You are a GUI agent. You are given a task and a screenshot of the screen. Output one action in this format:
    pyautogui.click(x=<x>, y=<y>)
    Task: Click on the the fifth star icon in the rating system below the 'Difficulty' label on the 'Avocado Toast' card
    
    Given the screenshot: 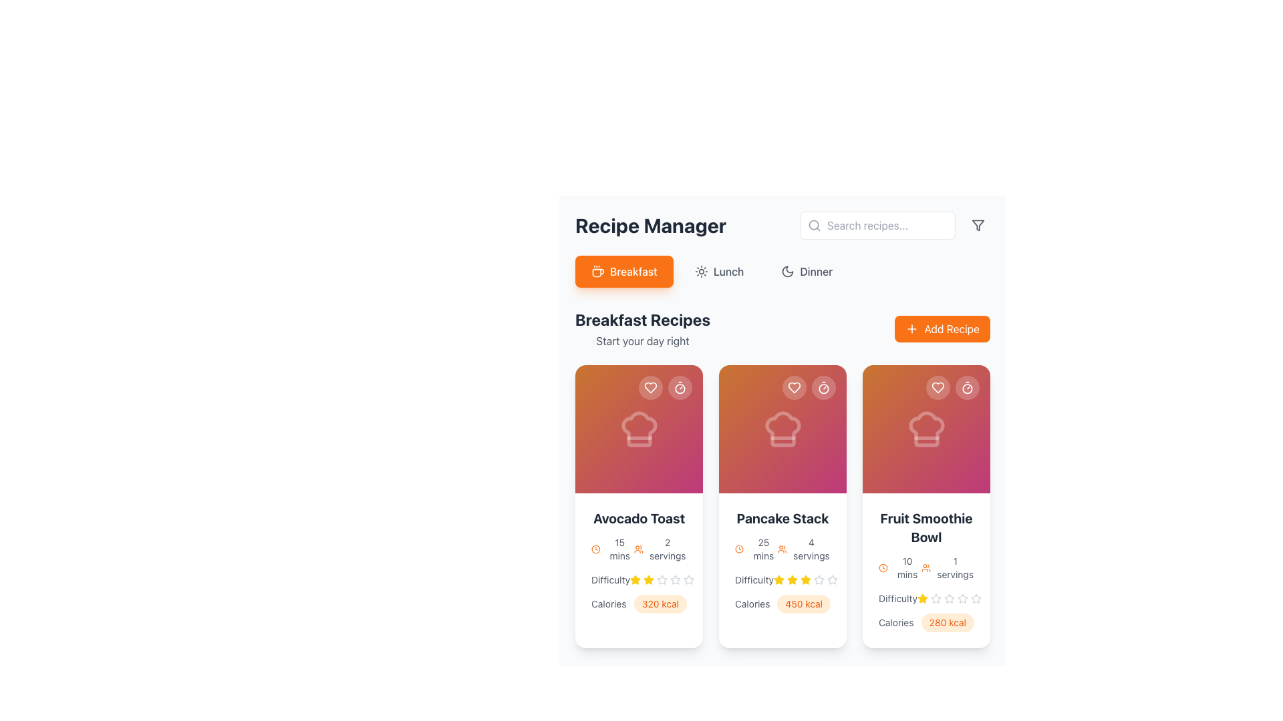 What is the action you would take?
    pyautogui.click(x=675, y=579)
    